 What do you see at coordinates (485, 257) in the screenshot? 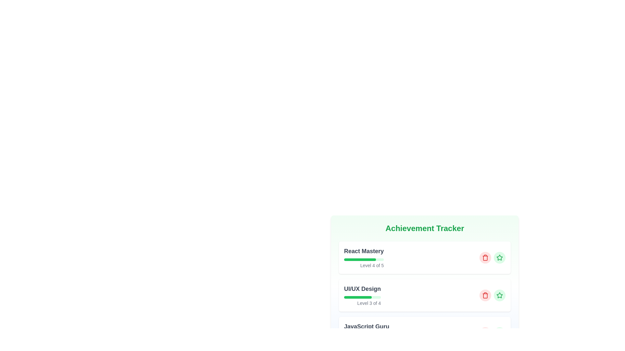
I see `the circular button with a trash can icon, styled with a light red background, located next to the 'React Mastery' achievement in the 'Achievement Tracker' interface to possibly see a tooltip` at bounding box center [485, 257].